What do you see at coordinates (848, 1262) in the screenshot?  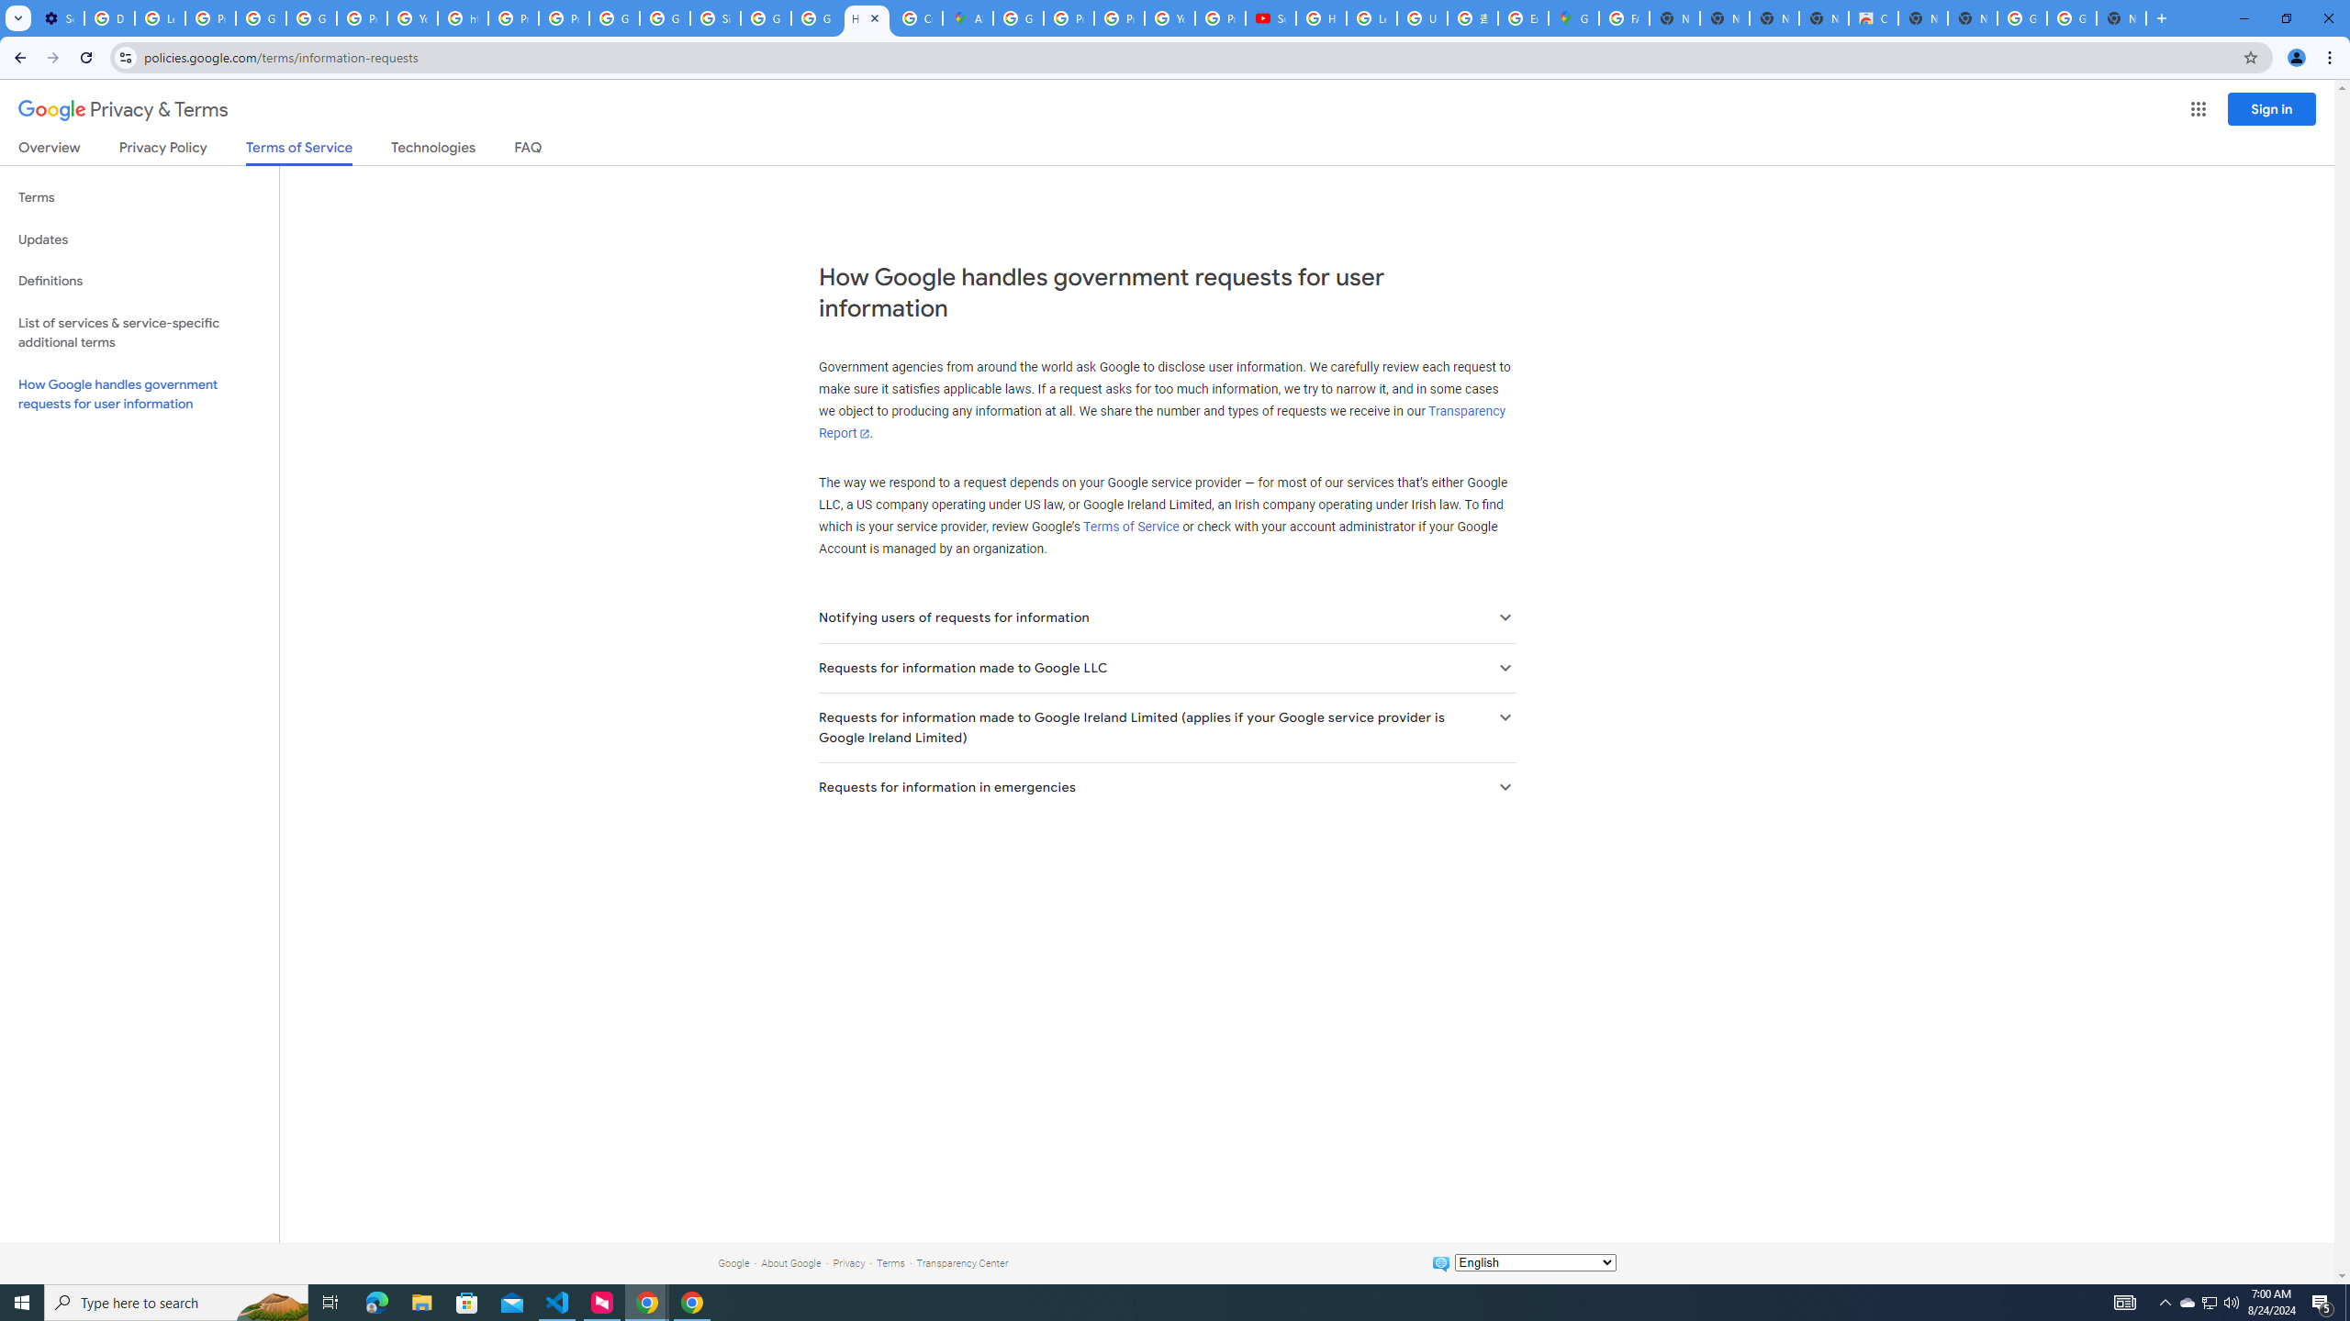 I see `'Privacy'` at bounding box center [848, 1262].